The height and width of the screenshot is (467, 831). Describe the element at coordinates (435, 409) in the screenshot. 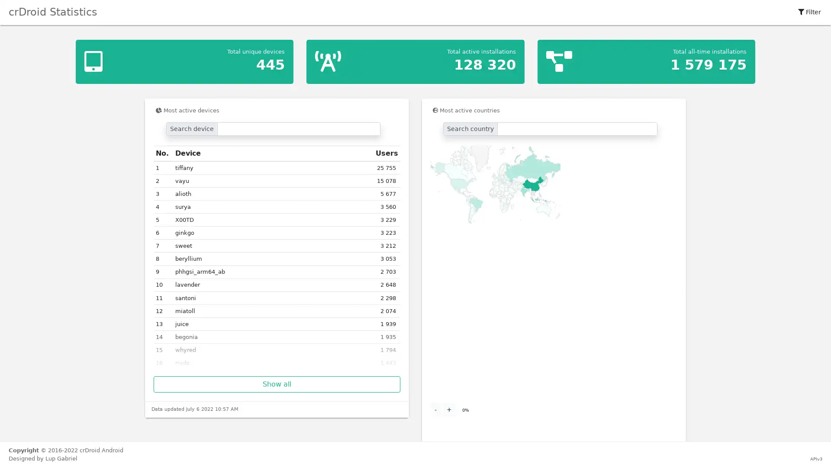

I see `-` at that location.